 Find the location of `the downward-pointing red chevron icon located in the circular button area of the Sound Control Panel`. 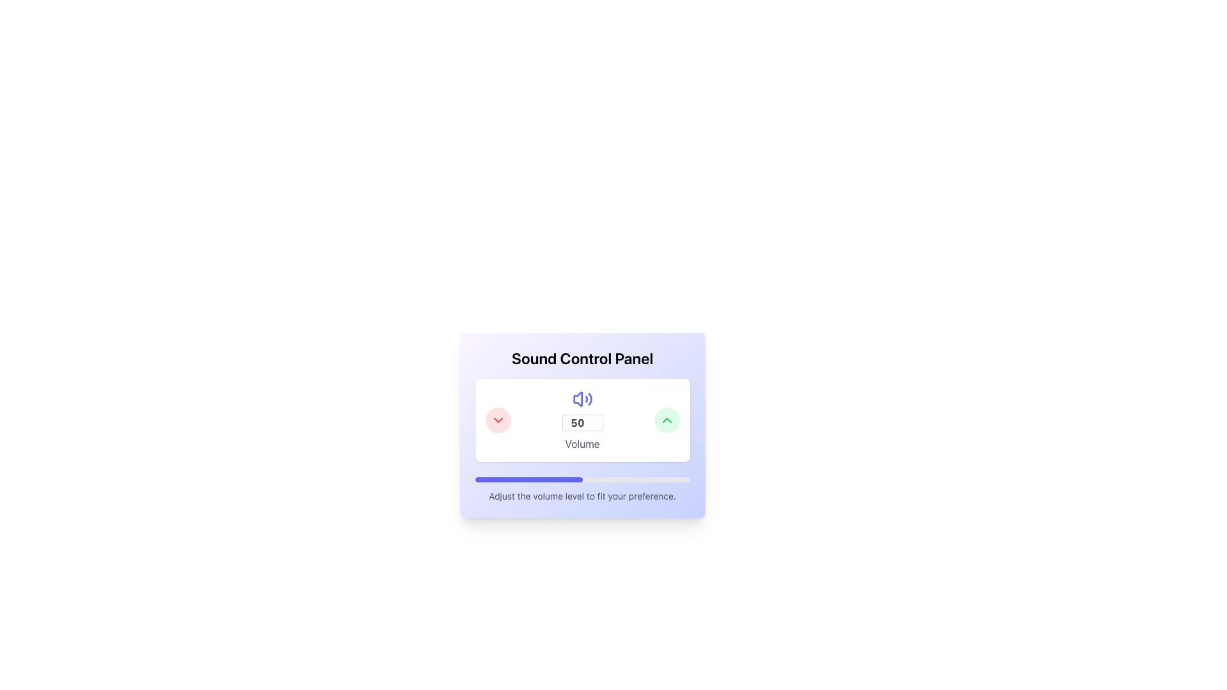

the downward-pointing red chevron icon located in the circular button area of the Sound Control Panel is located at coordinates (497, 420).